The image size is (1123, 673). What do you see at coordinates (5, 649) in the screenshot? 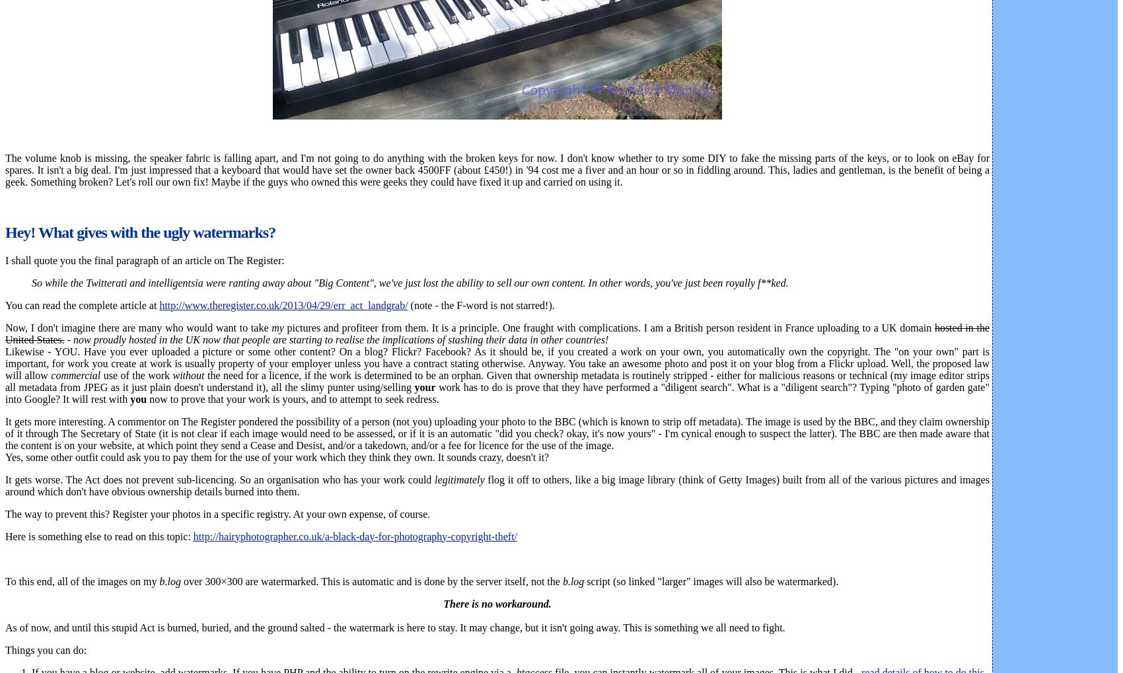
I see `'Things you can do:'` at bounding box center [5, 649].